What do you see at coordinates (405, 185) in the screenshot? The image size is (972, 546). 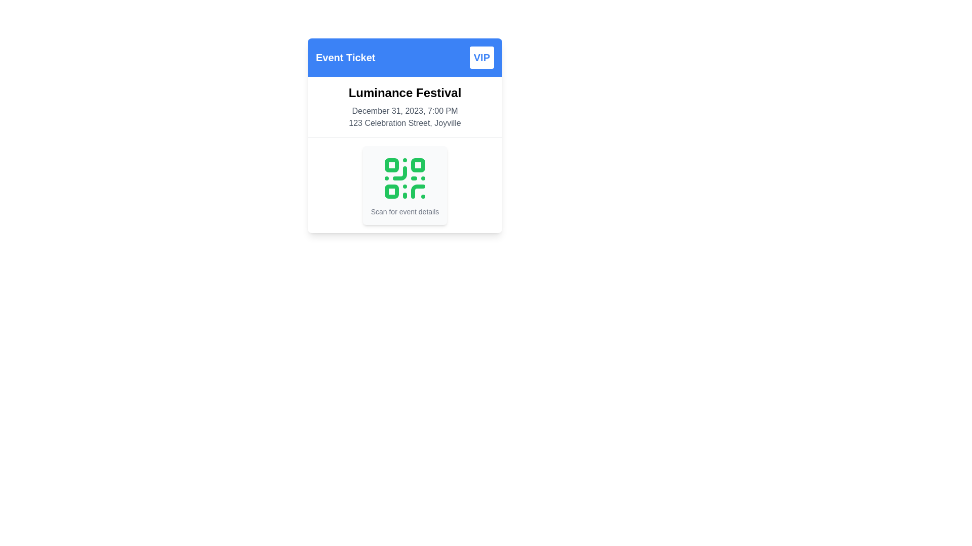 I see `the QR code element with the label 'Scan for event details'` at bounding box center [405, 185].